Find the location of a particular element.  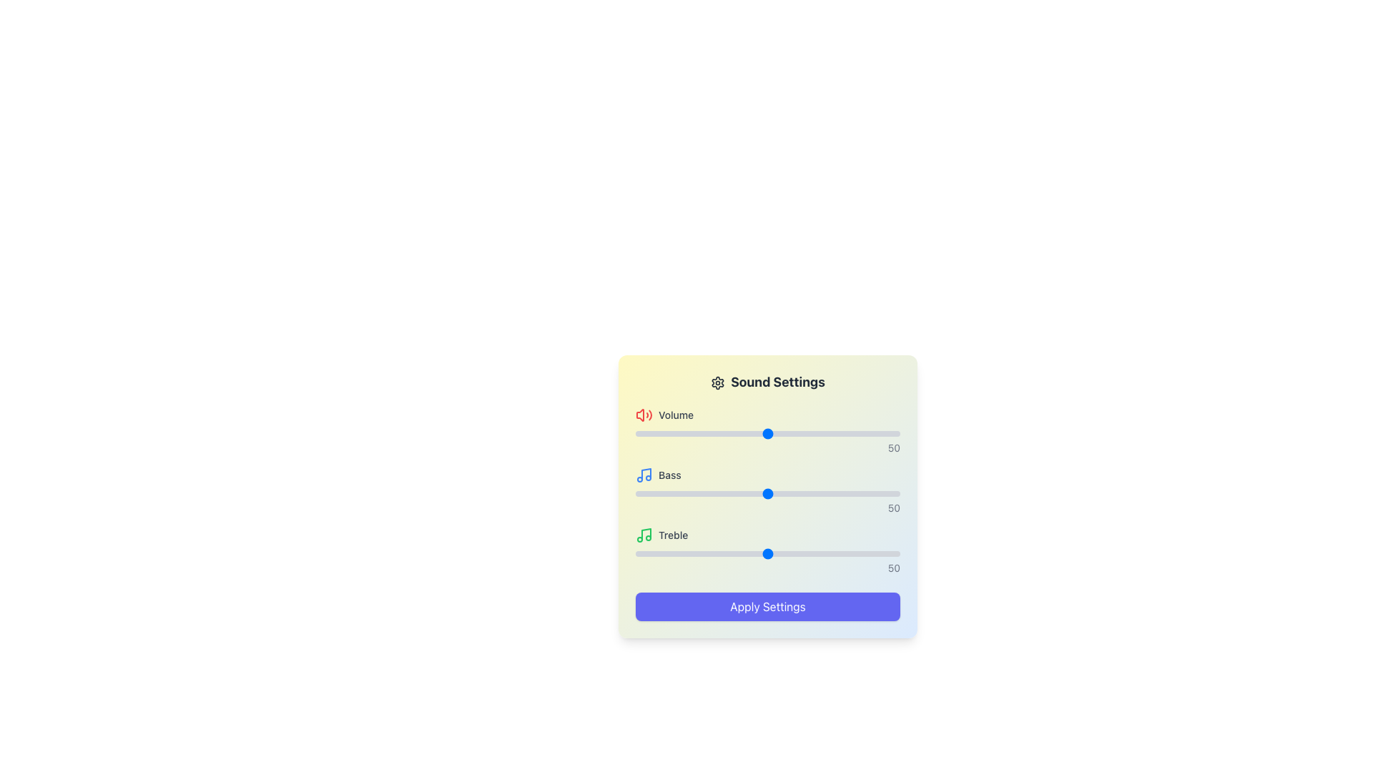

the gear-shaped icon that represents configuration options, located to the left of the 'Sound Settings' title text at the top of the dialog box is located at coordinates (718, 382).